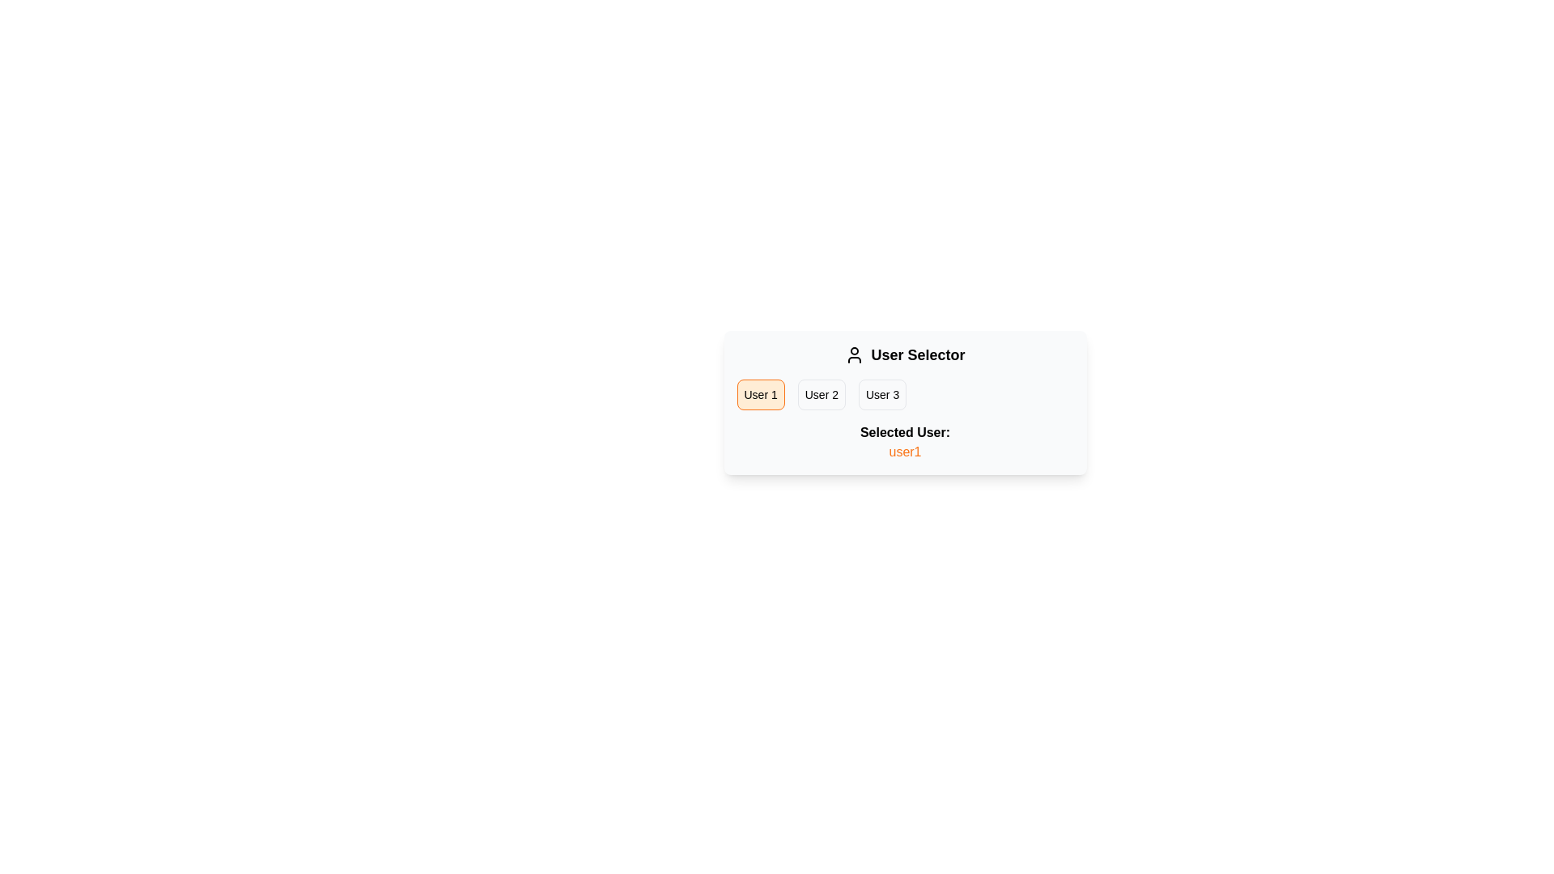 The height and width of the screenshot is (874, 1554). What do you see at coordinates (904, 354) in the screenshot?
I see `the 'User Selector' label, which is styled with a black font and positioned above a row of user buttons` at bounding box center [904, 354].